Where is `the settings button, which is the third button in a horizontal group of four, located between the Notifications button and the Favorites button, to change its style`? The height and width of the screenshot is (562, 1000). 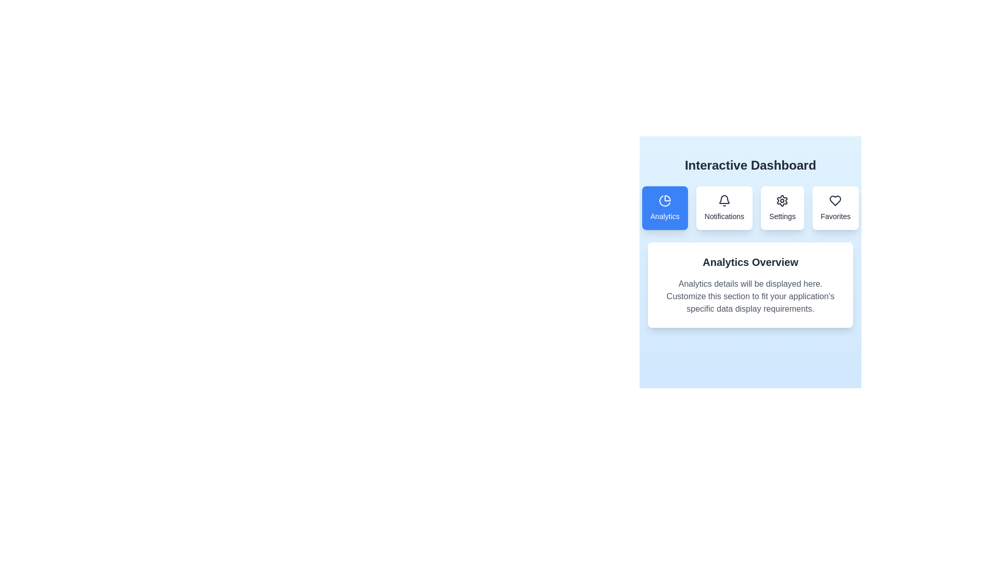
the settings button, which is the third button in a horizontal group of four, located between the Notifications button and the Favorites button, to change its style is located at coordinates (782, 208).